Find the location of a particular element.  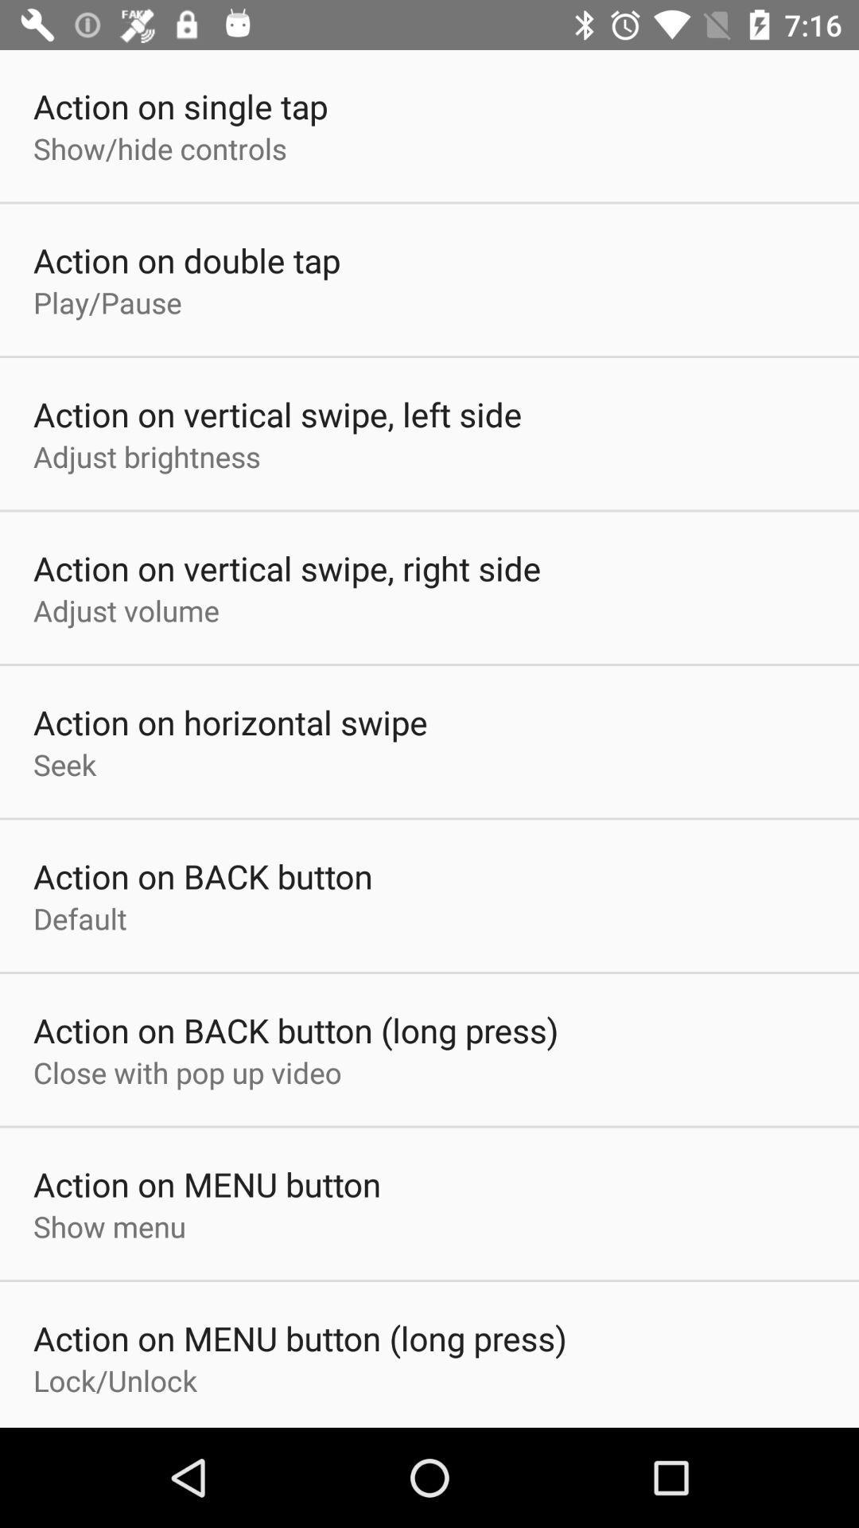

app below action on vertical app is located at coordinates (125, 610).